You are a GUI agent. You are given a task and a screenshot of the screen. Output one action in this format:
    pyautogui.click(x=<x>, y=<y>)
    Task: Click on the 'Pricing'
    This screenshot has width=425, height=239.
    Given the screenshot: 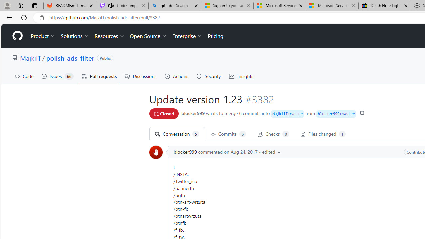 What is the action you would take?
    pyautogui.click(x=215, y=36)
    